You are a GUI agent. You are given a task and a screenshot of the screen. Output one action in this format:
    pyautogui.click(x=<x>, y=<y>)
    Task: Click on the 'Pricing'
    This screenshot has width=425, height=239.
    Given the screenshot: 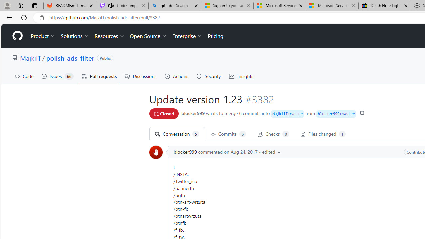 What is the action you would take?
    pyautogui.click(x=215, y=36)
    